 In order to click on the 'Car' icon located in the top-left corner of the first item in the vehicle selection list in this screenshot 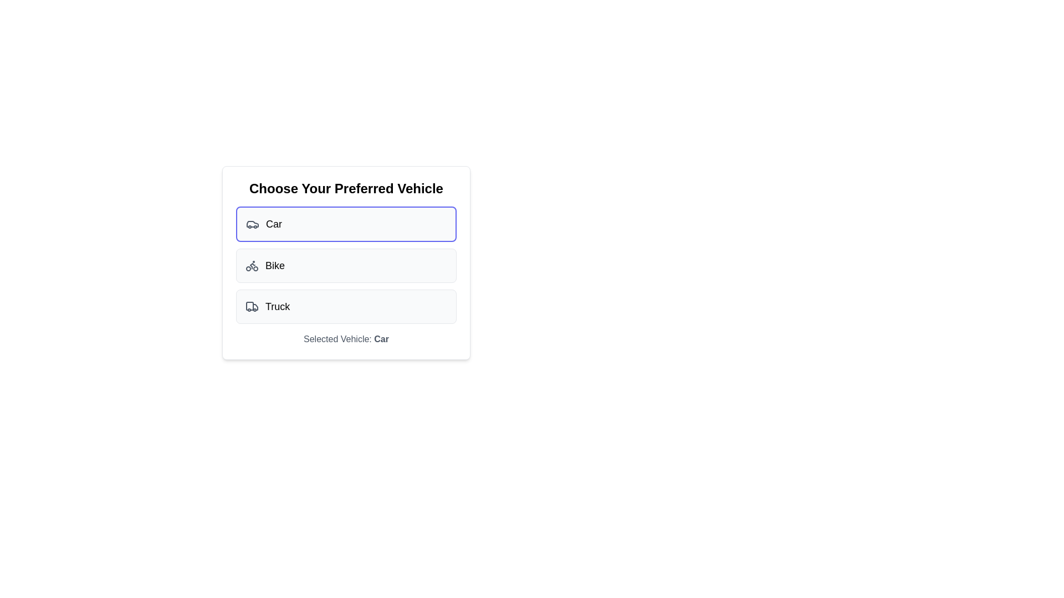, I will do `click(252, 224)`.